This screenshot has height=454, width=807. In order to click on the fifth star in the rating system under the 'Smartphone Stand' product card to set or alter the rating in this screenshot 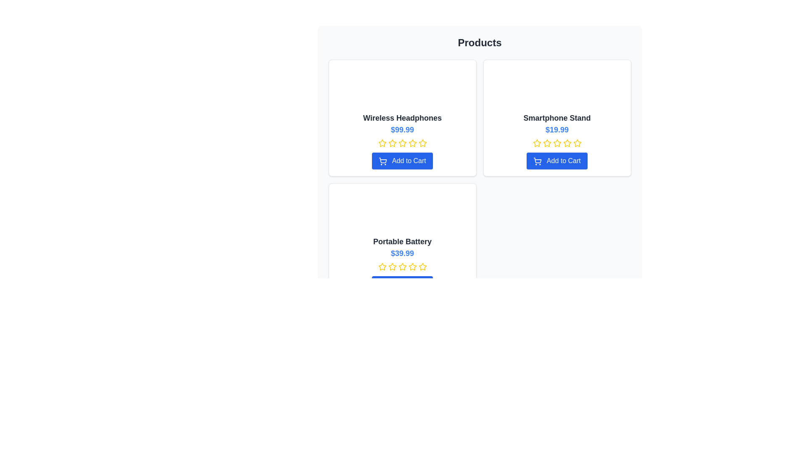, I will do `click(576, 142)`.